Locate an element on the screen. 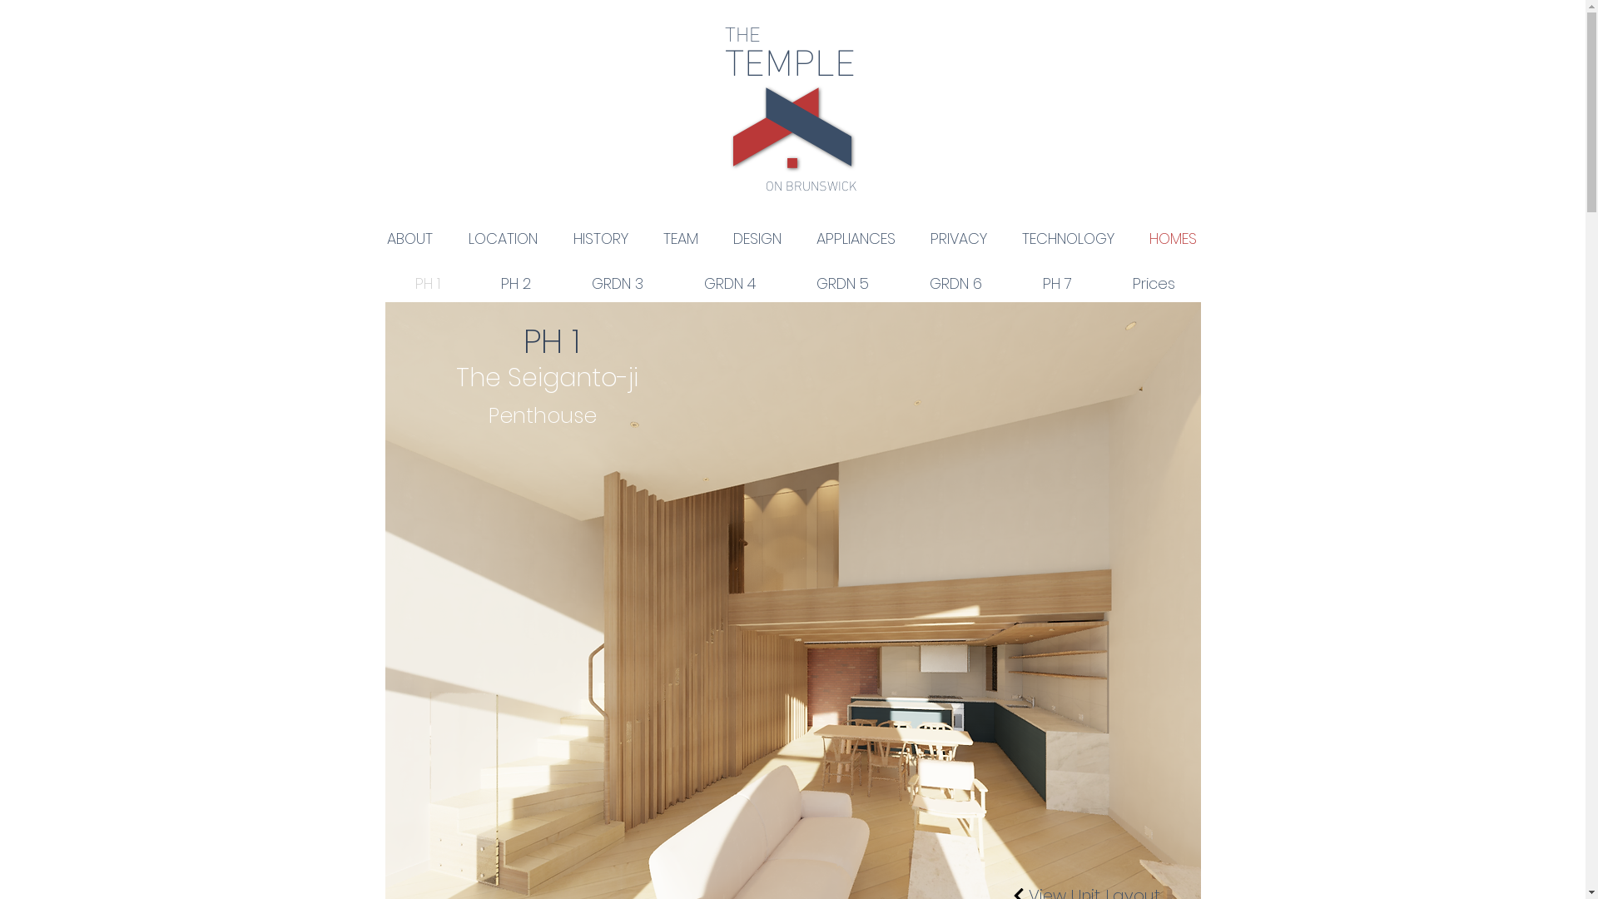  'PRIVACY' is located at coordinates (958, 238).